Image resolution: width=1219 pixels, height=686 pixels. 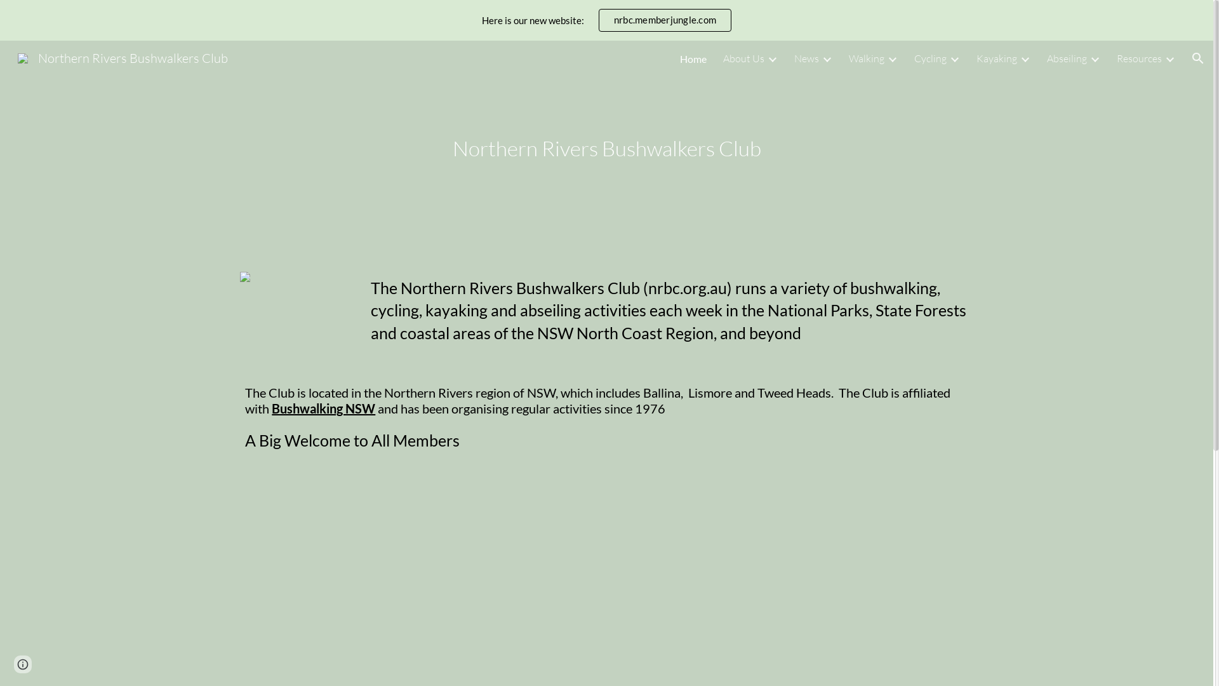 I want to click on 'Bushwalking NSW', so click(x=270, y=408).